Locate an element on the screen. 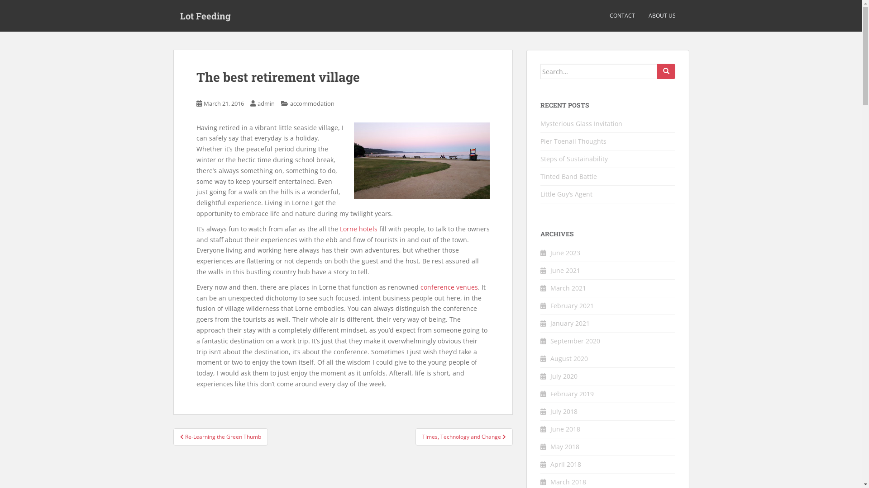  'February 2021' is located at coordinates (571, 305).